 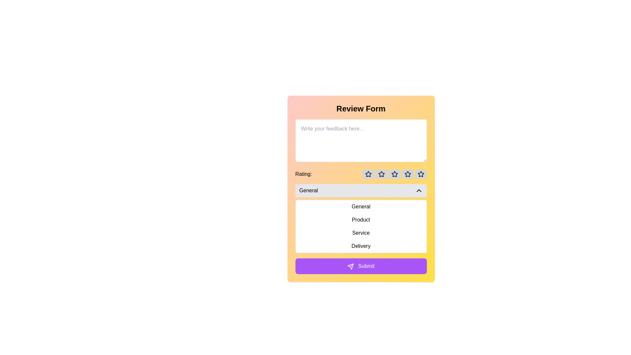 What do you see at coordinates (381, 174) in the screenshot?
I see `the second star icon in the rating section` at bounding box center [381, 174].